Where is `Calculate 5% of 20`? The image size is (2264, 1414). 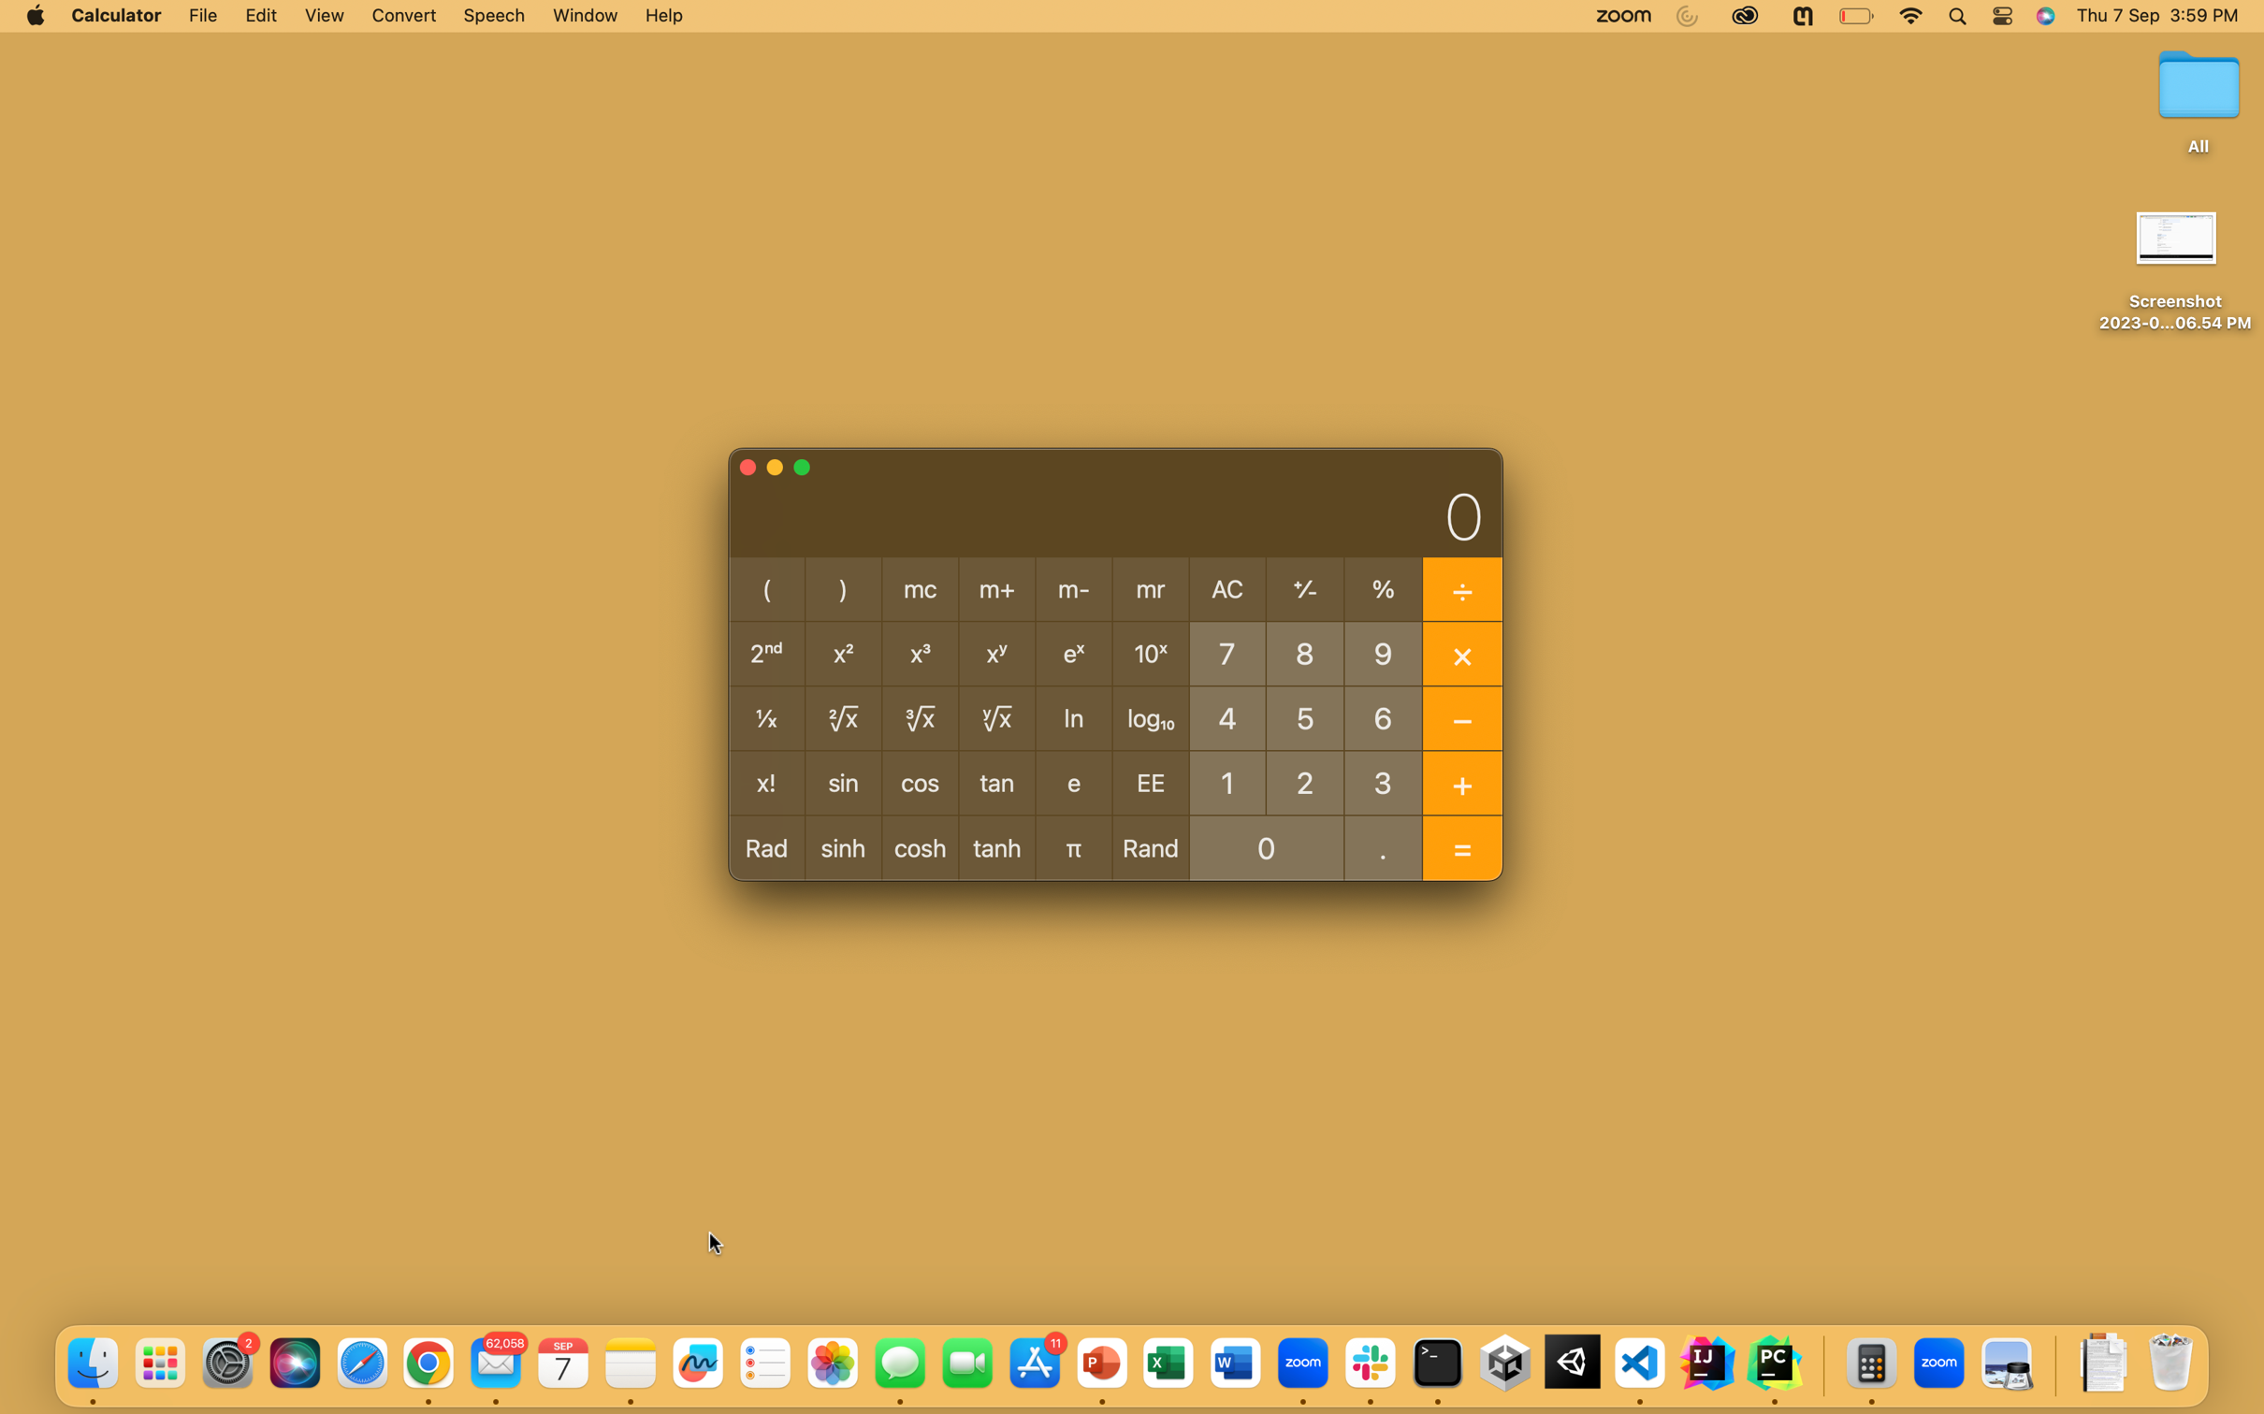 Calculate 5% of 20 is located at coordinates (1305, 715).